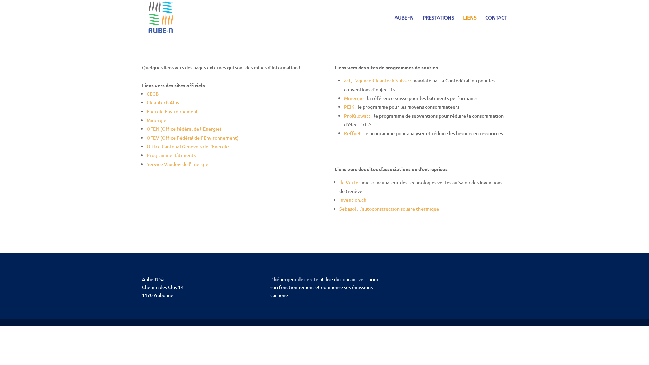 The image size is (649, 365). What do you see at coordinates (354, 133) in the screenshot?
I see `'Reffnet :'` at bounding box center [354, 133].